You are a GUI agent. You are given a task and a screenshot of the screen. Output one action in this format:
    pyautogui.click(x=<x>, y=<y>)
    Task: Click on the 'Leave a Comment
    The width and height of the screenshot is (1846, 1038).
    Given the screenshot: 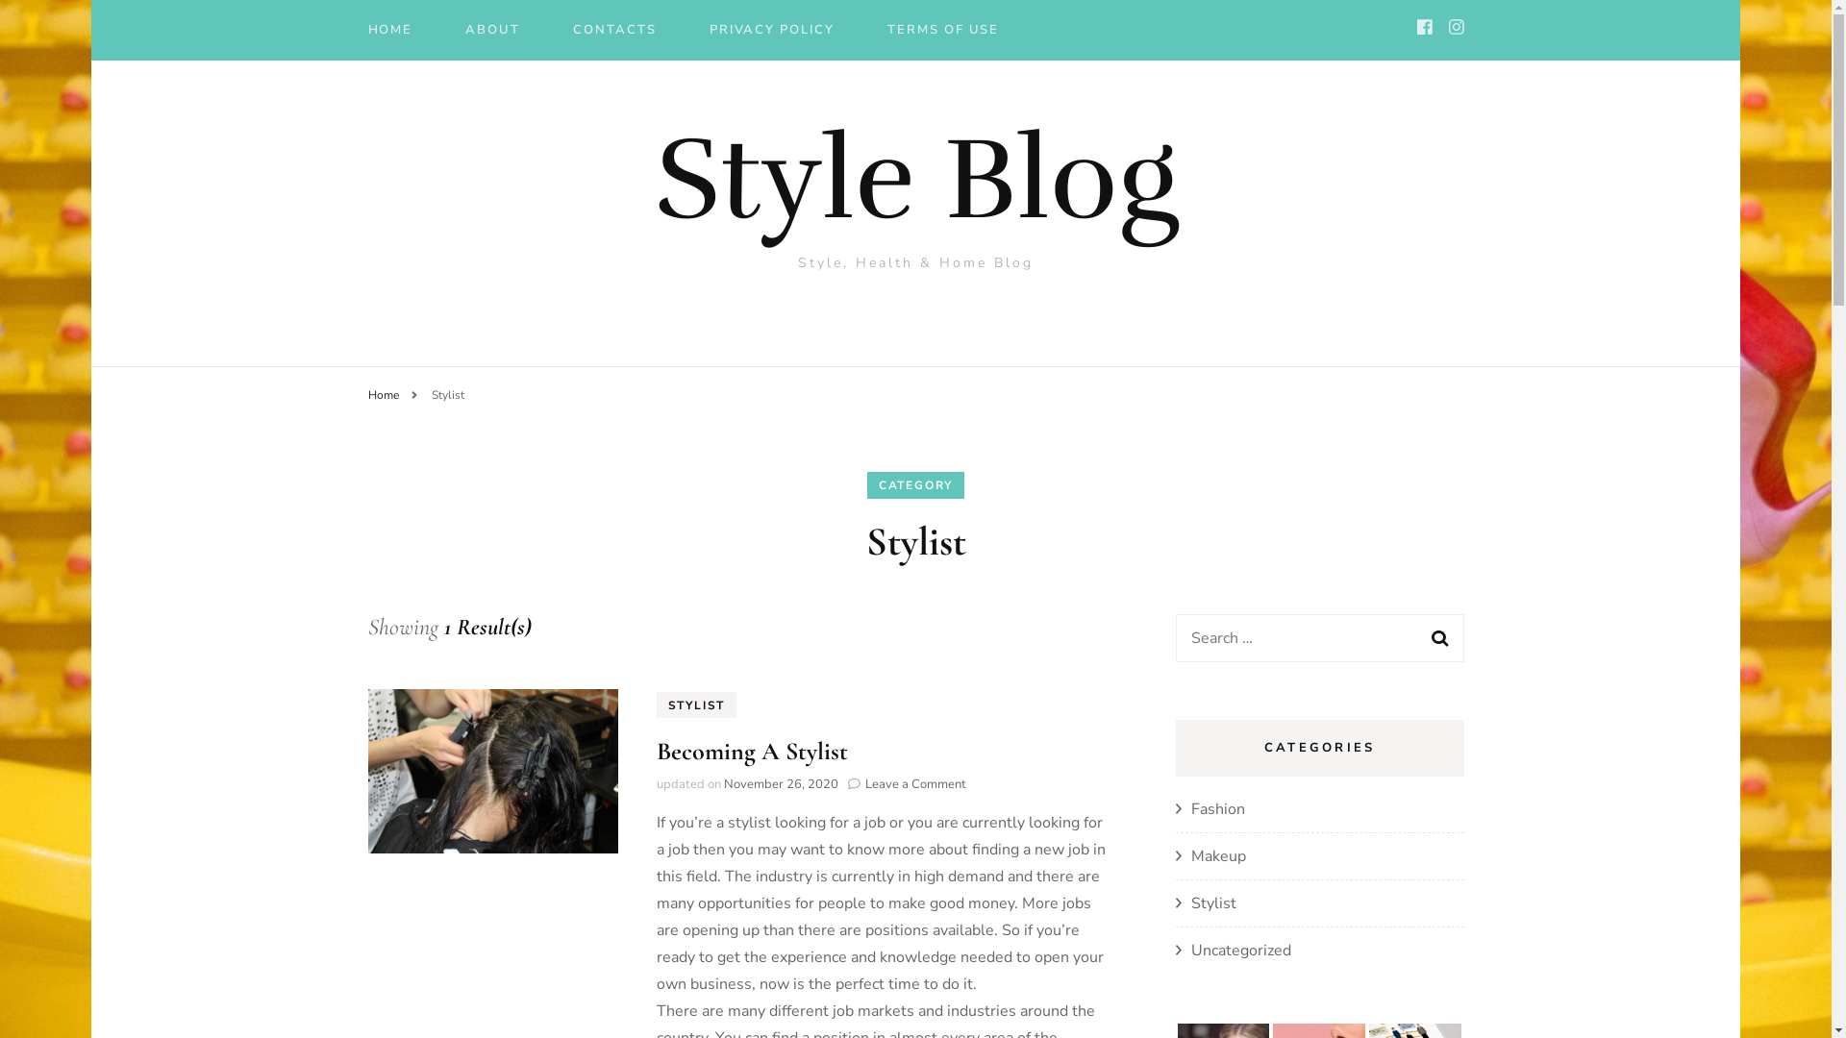 What is the action you would take?
    pyautogui.click(x=914, y=784)
    